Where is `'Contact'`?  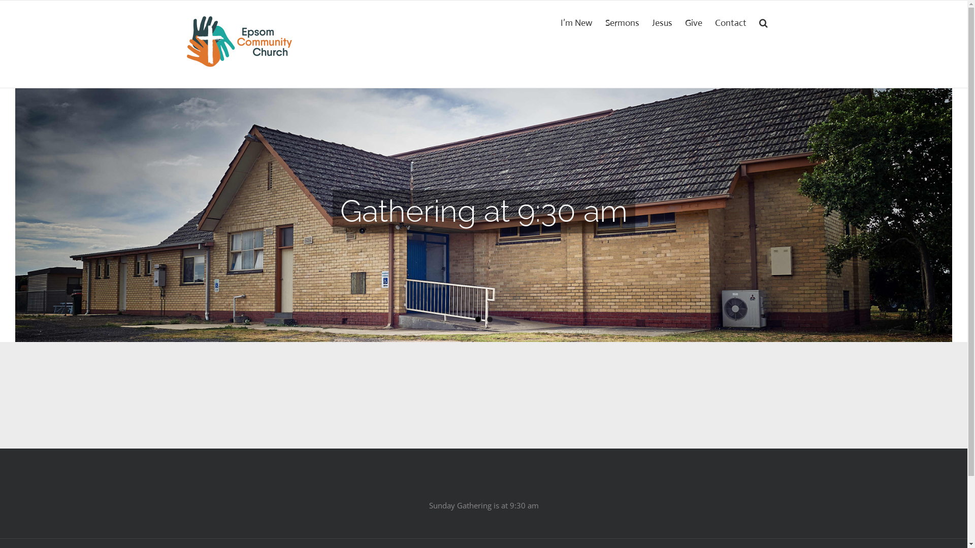
'Contact' is located at coordinates (730, 21).